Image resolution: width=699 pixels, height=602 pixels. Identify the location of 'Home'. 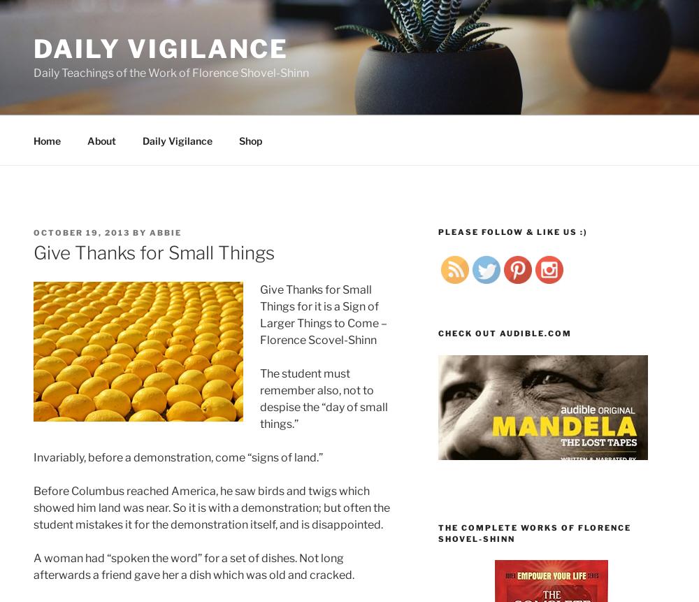
(45, 139).